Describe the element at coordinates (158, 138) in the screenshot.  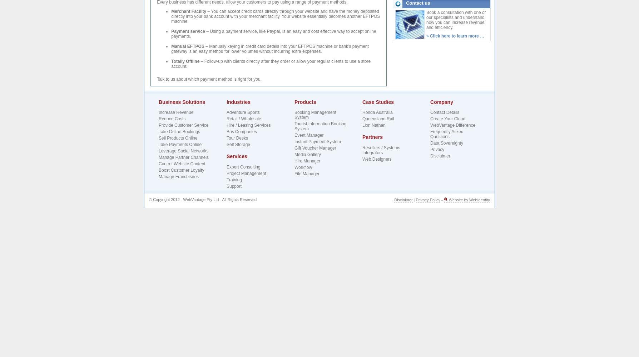
I see `'Sell Products Online'` at that location.